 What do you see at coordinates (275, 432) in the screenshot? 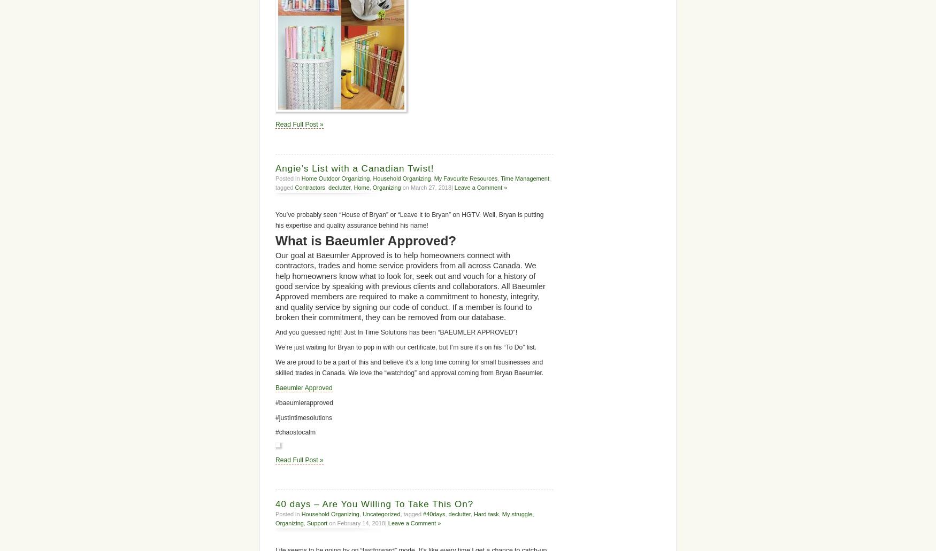
I see `'#chaostocalm'` at bounding box center [275, 432].